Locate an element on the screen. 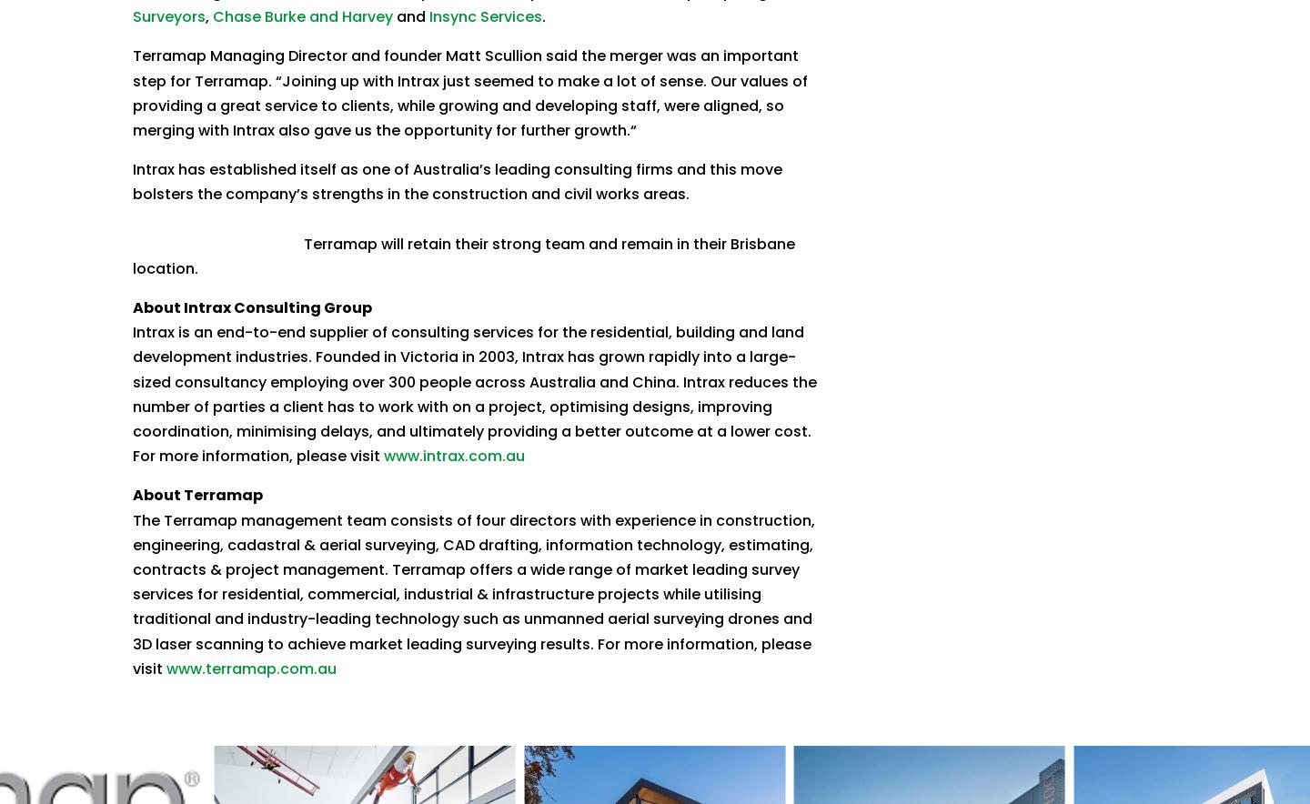 Image resolution: width=1310 pixels, height=804 pixels. 'Chase Burke and Harvey' is located at coordinates (302, 16).